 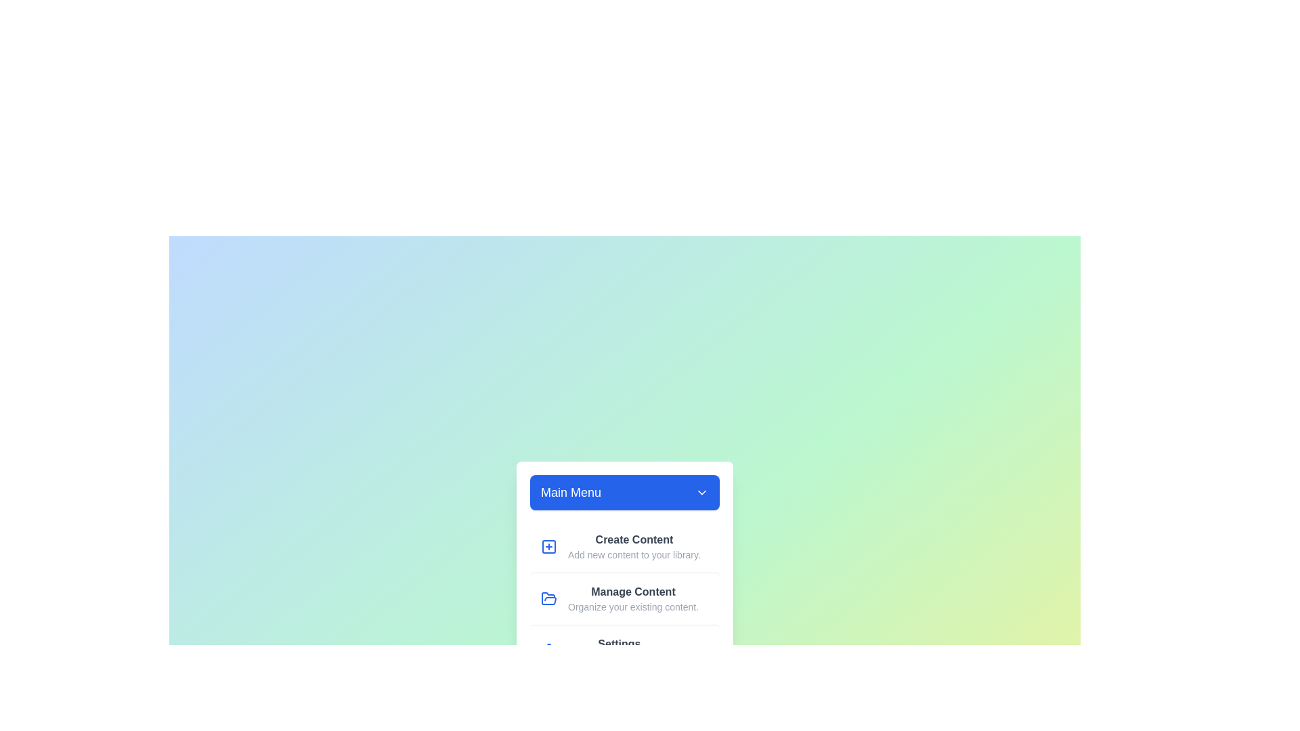 What do you see at coordinates (624, 492) in the screenshot?
I see `the 'Main Menu' button to toggle the menu visibility` at bounding box center [624, 492].